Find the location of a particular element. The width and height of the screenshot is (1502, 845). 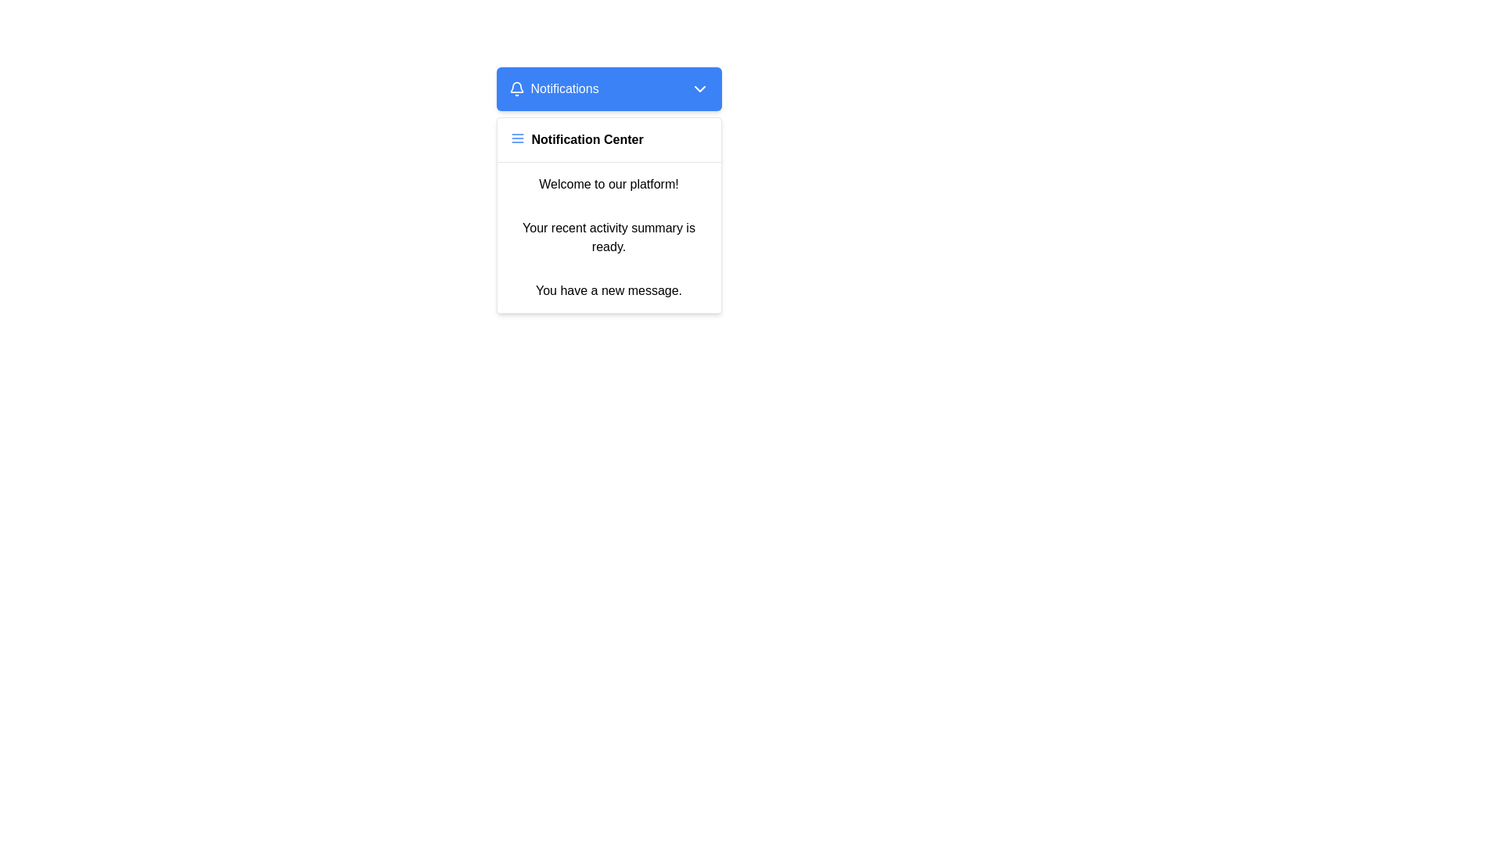

the label indicating notifications in the horizontal navigation bar is located at coordinates (564, 89).